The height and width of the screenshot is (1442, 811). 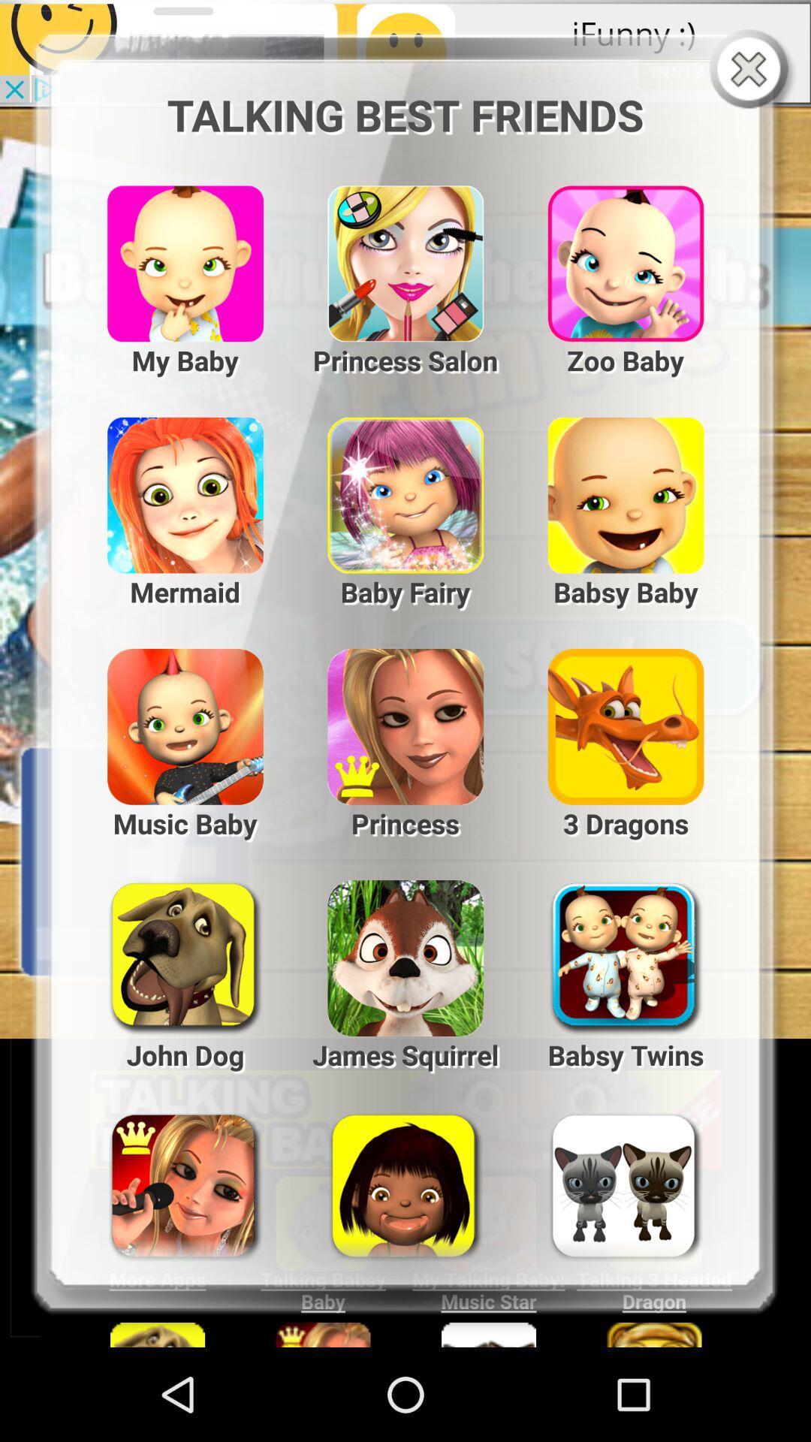 What do you see at coordinates (752, 70) in the screenshot?
I see `the popup` at bounding box center [752, 70].